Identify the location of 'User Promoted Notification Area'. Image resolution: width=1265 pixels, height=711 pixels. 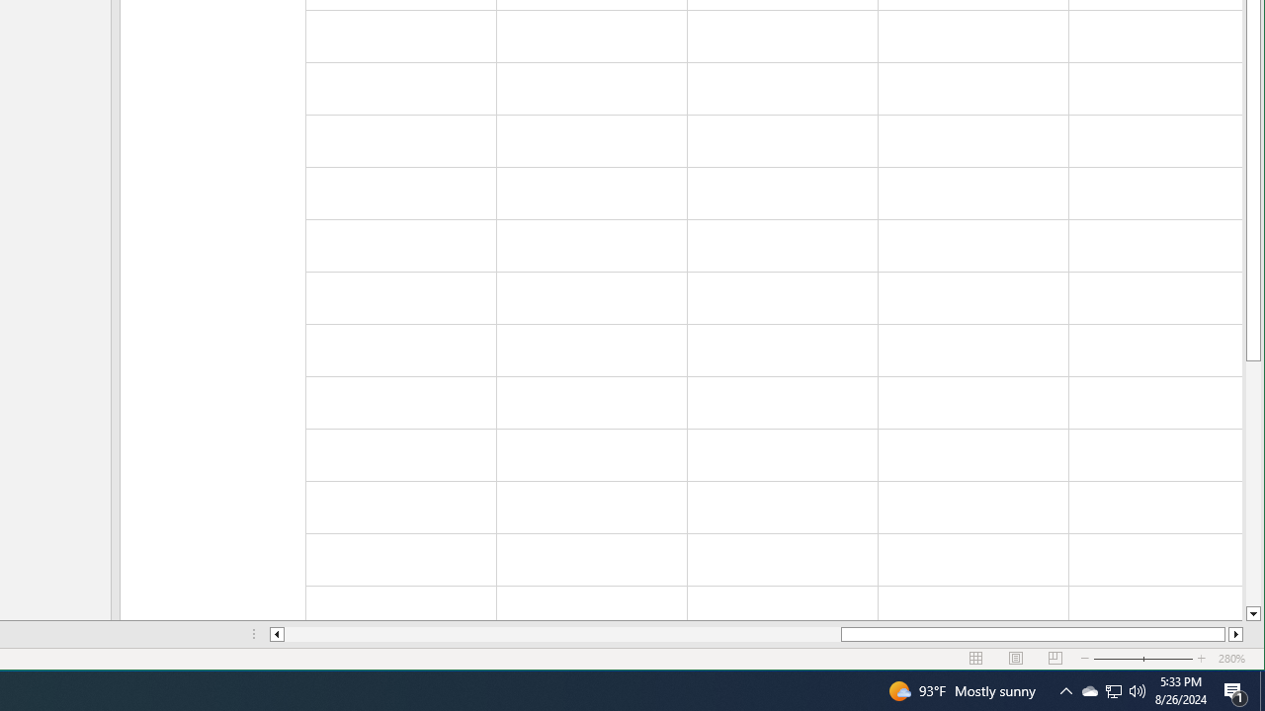
(1065, 689).